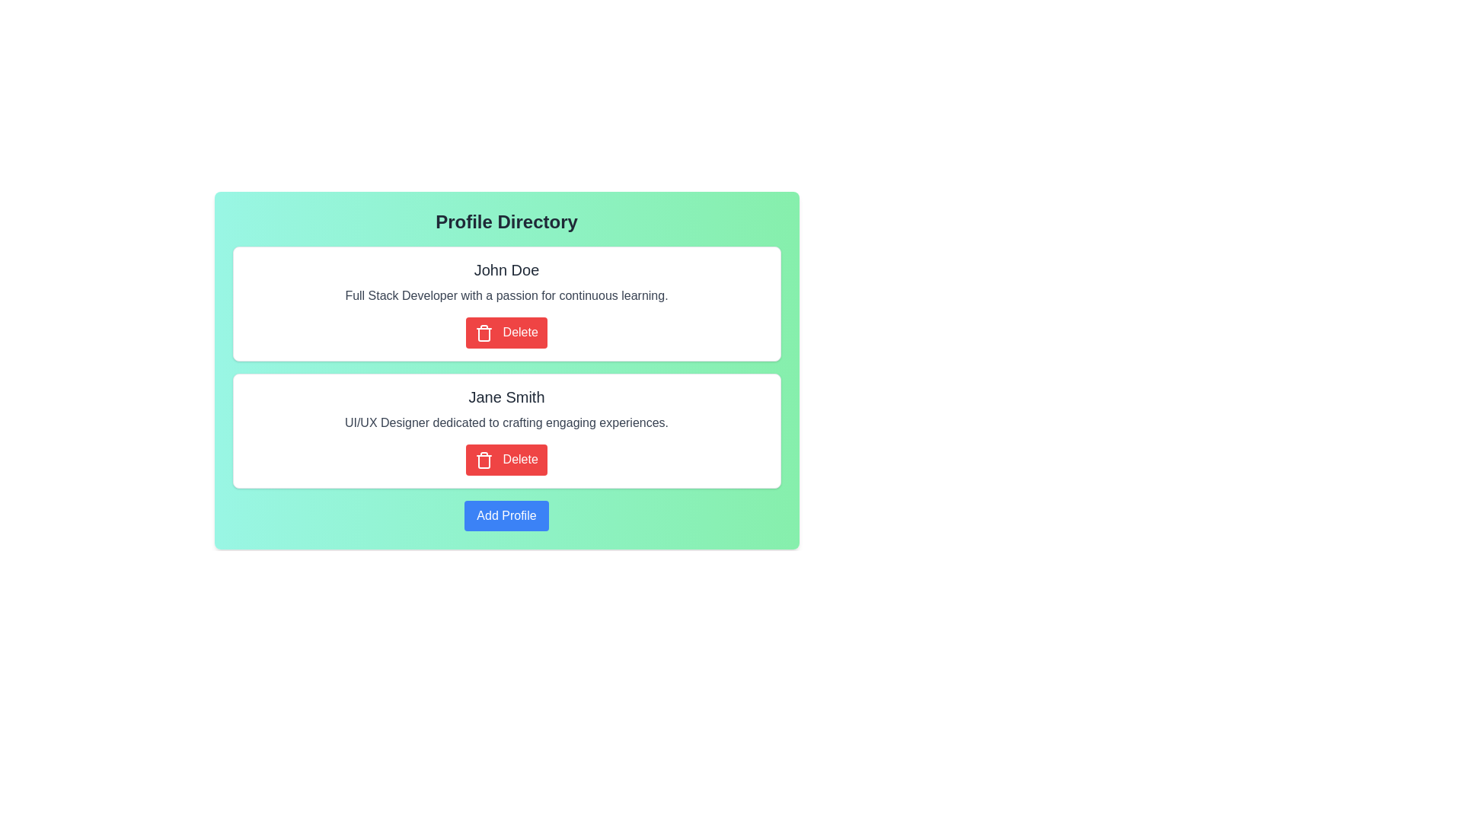 This screenshot has height=822, width=1462. What do you see at coordinates (506, 396) in the screenshot?
I see `the static text displaying the profile name, which is centrally aligned at the top of the card above the description text and below the heading 'Profile Directory'` at bounding box center [506, 396].